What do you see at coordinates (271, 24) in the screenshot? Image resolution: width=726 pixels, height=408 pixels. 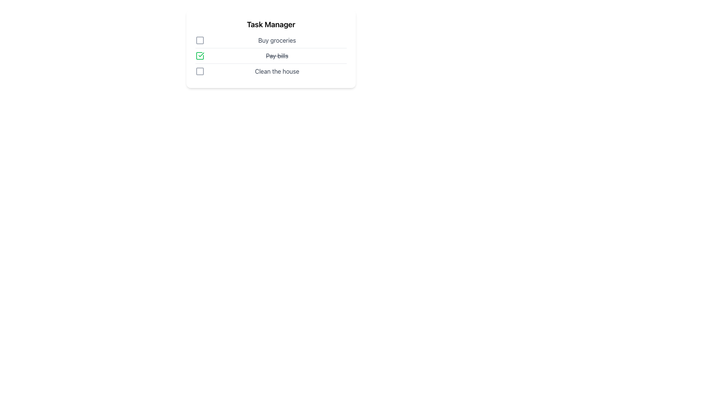 I see `the title Text Label located at the top of the card-like interface, which provides context for the tasks below` at bounding box center [271, 24].